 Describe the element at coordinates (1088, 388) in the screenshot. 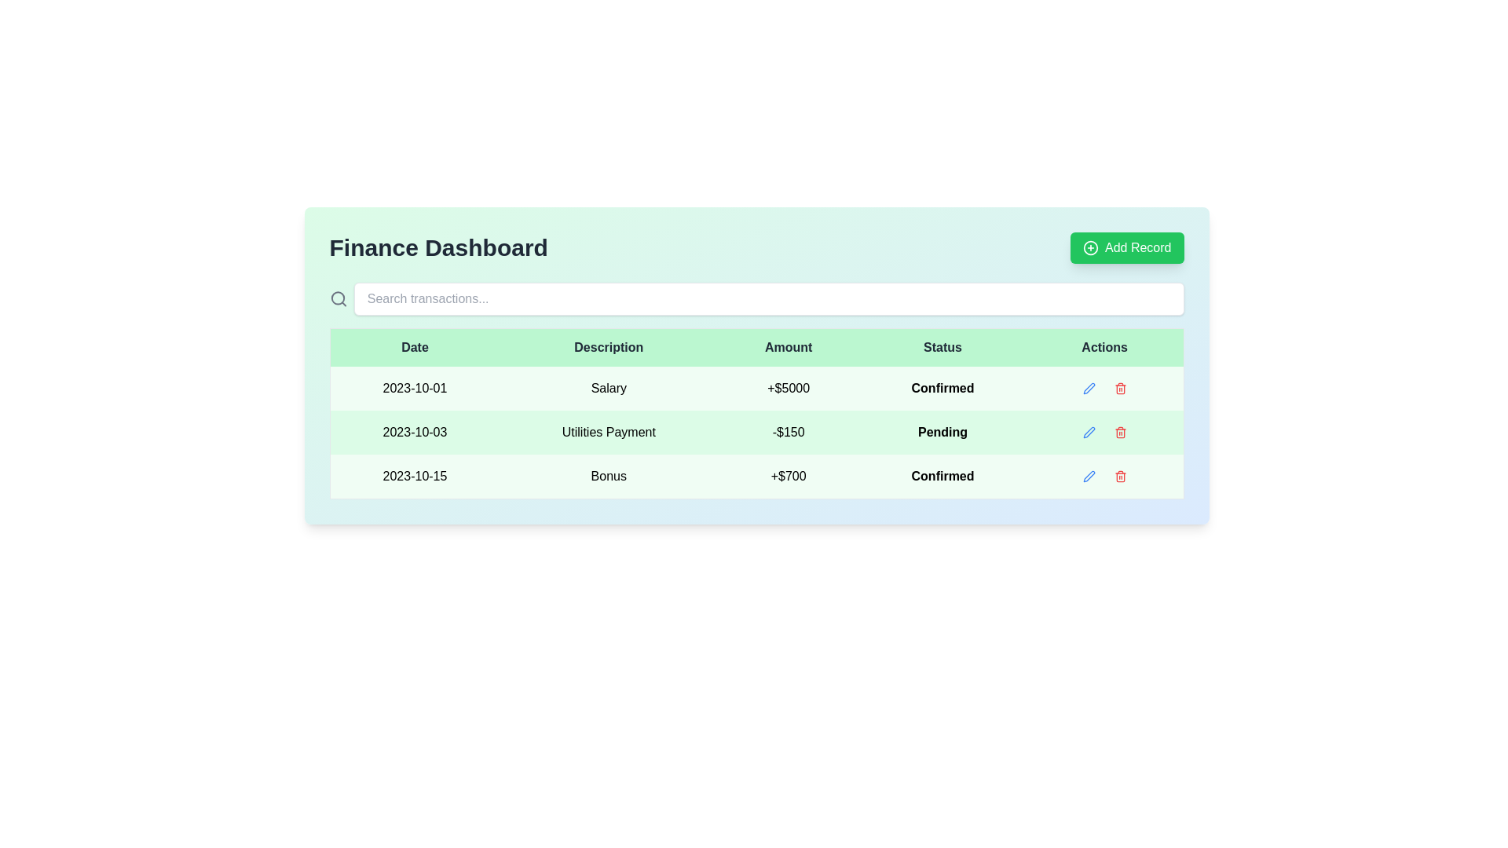

I see `the edit icon located in the 'Actions' column of the third row of the table to initiate editing the row content` at that location.